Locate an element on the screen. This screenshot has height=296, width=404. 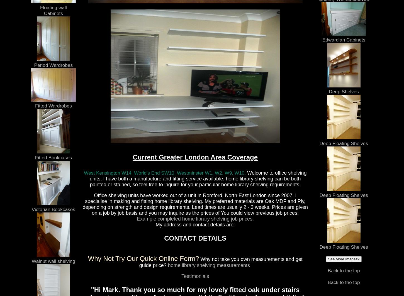
'home library shelving measurements' is located at coordinates (209, 265).